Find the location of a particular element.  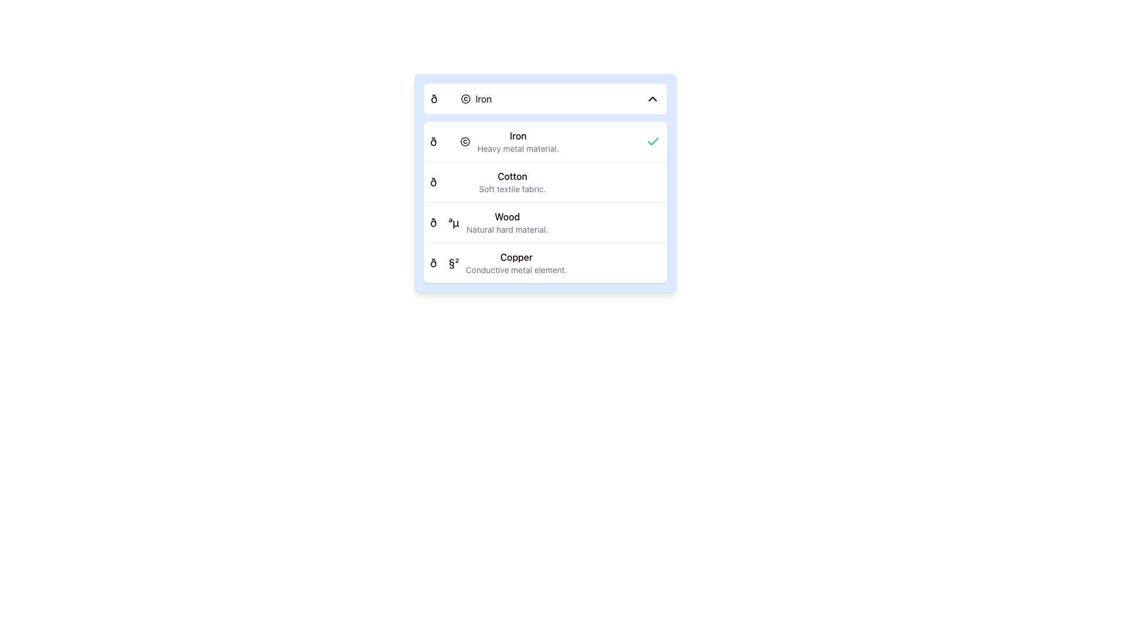

the text snippet displaying 'Soft textile fabric.' which is positioned below the bold text 'Cotton' in the list component is located at coordinates (512, 189).